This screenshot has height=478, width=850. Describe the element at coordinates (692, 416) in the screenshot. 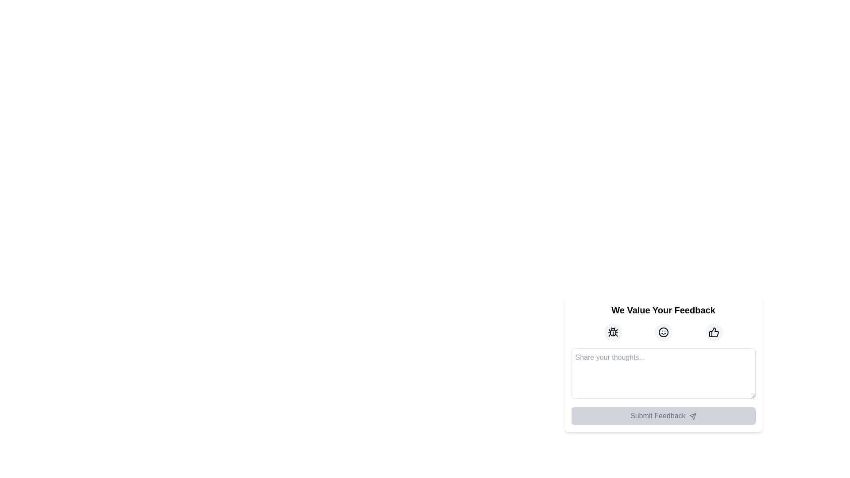

I see `the triangular SVG vector graphic element resembling a paper plane, located within the feedback submission panel, to trigger related functionality` at that location.